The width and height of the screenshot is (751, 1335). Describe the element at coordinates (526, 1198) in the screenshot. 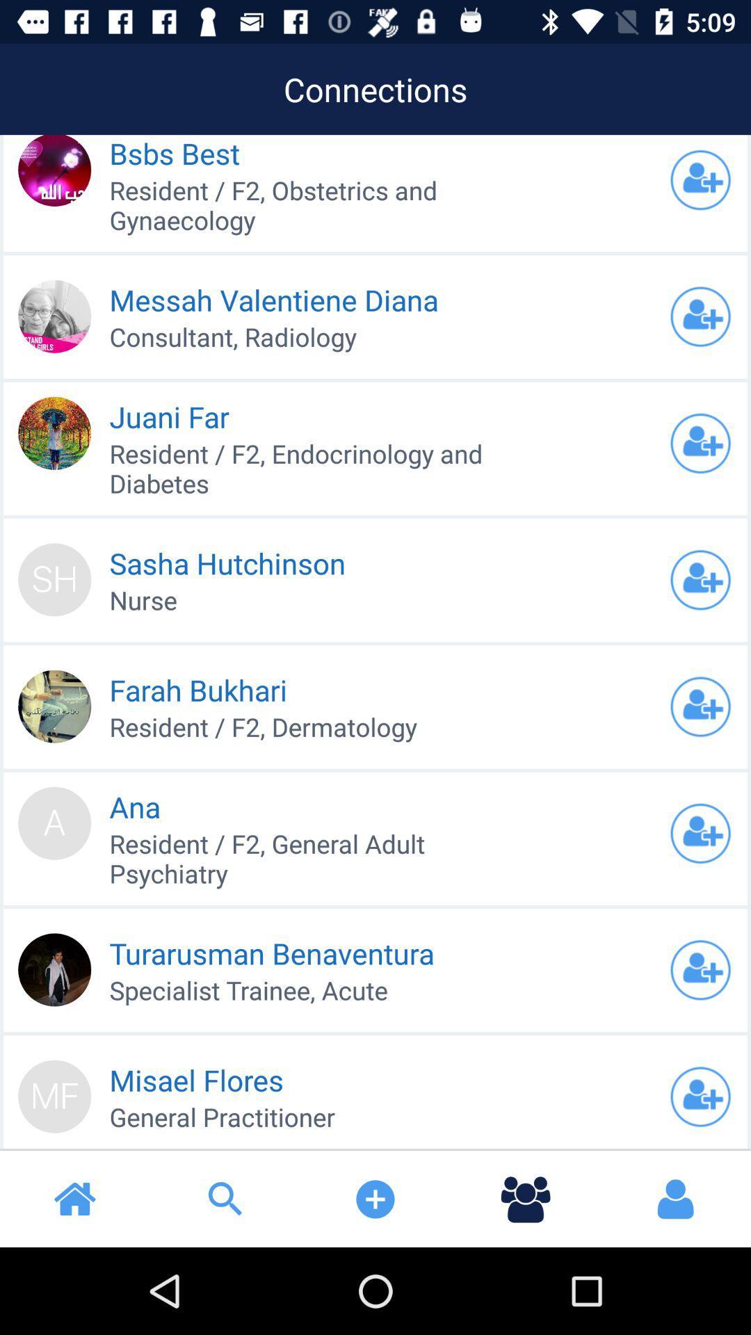

I see `the icon below general practitioner` at that location.